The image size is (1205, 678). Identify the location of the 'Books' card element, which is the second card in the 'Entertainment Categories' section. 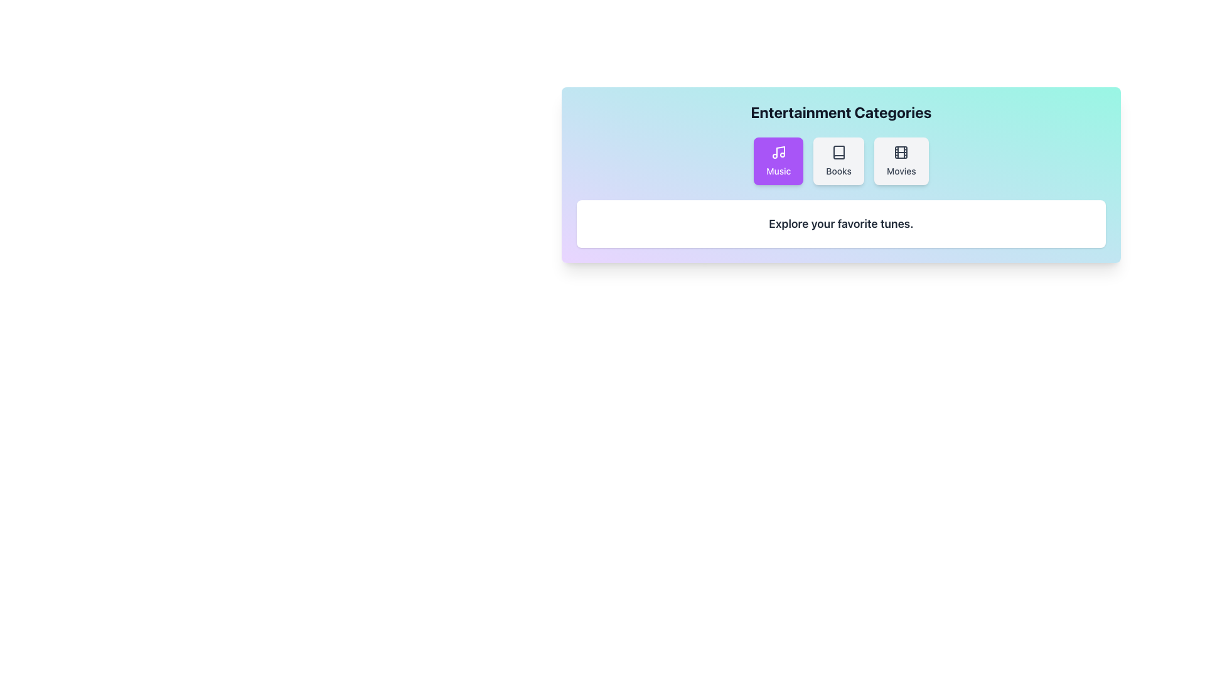
(841, 161).